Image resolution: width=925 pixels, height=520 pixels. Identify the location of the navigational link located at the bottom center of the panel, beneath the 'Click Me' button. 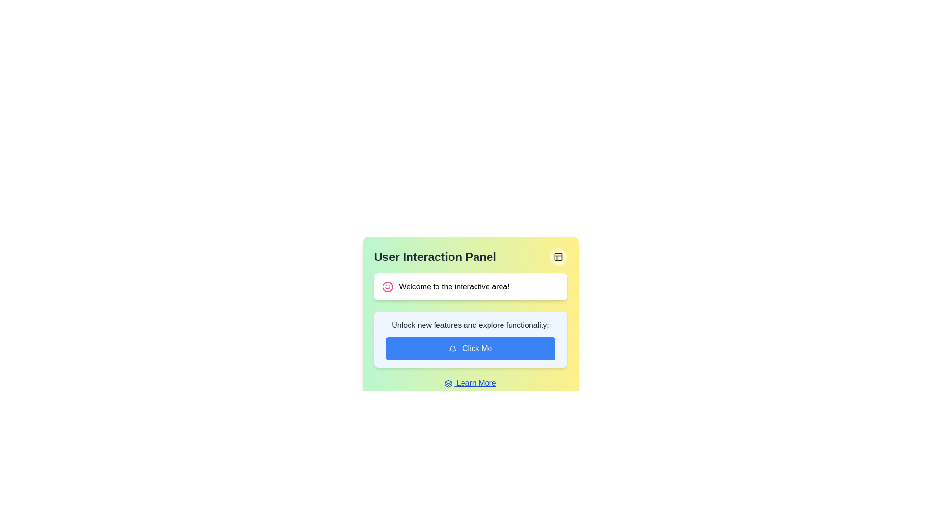
(470, 382).